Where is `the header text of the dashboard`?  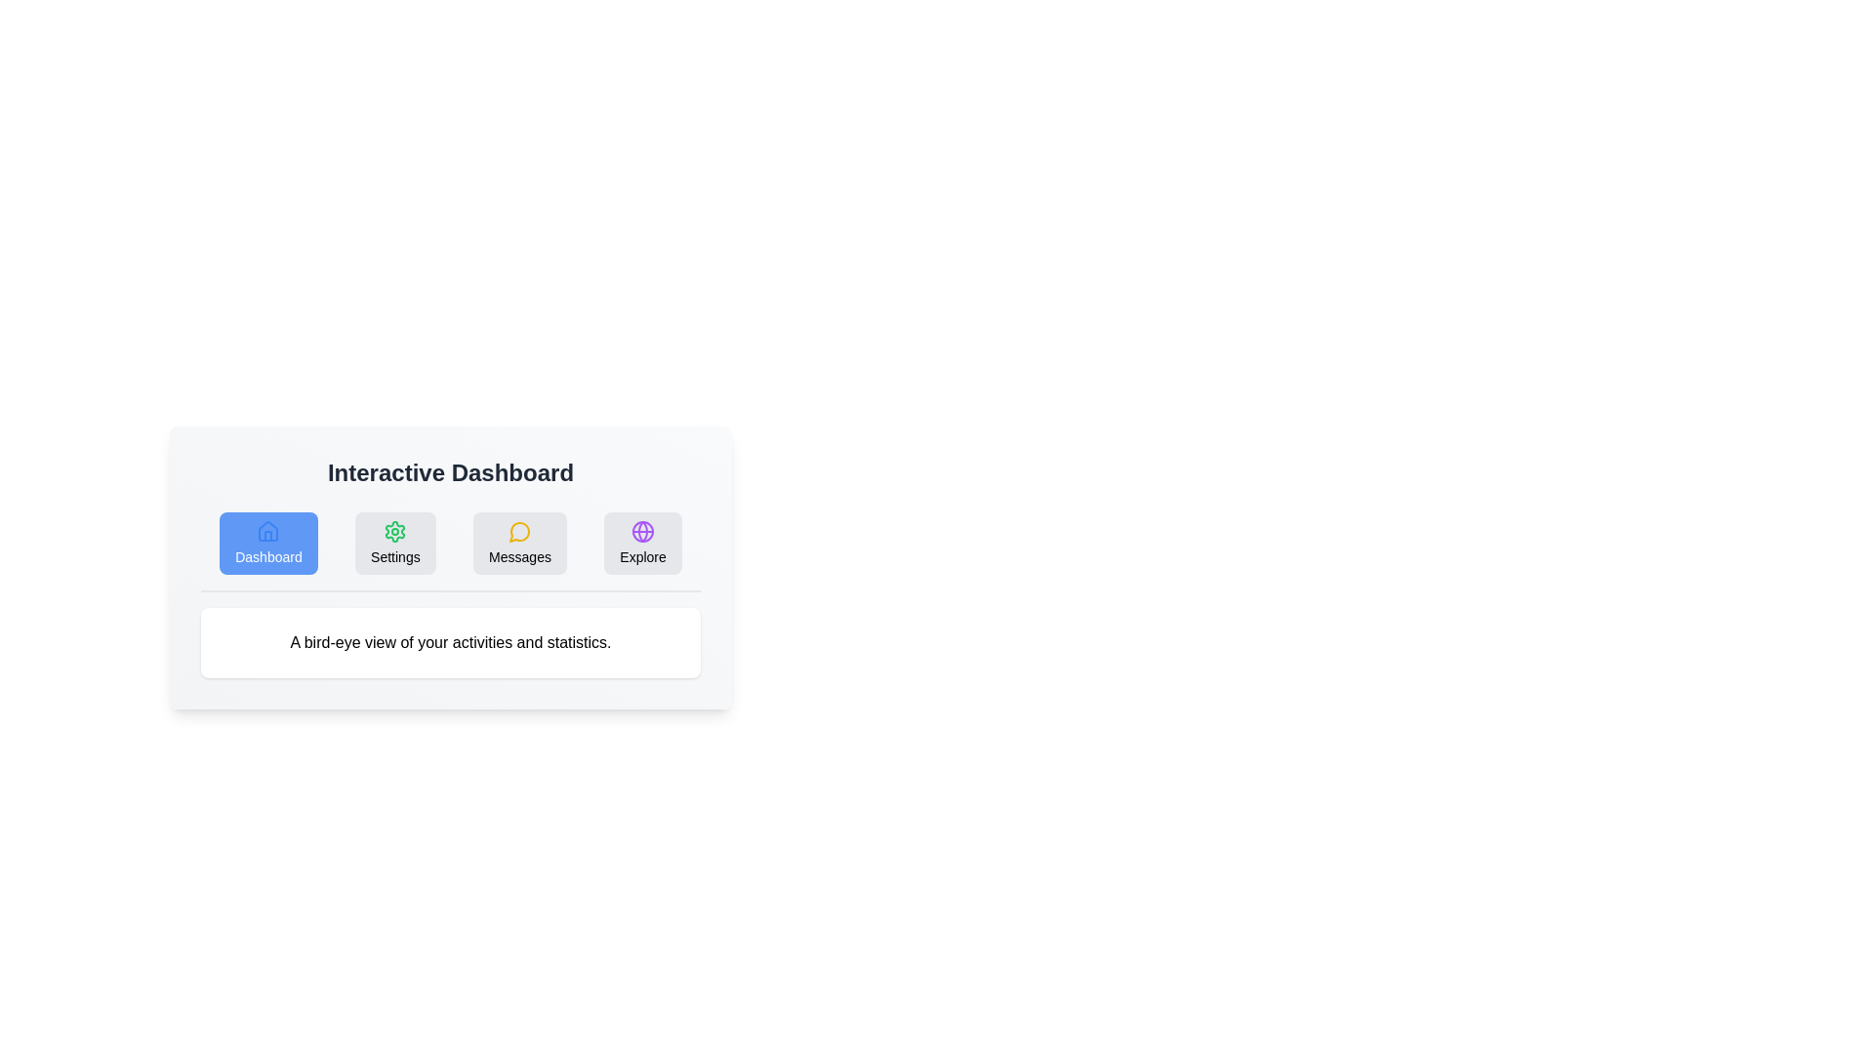 the header text of the dashboard is located at coordinates (449, 473).